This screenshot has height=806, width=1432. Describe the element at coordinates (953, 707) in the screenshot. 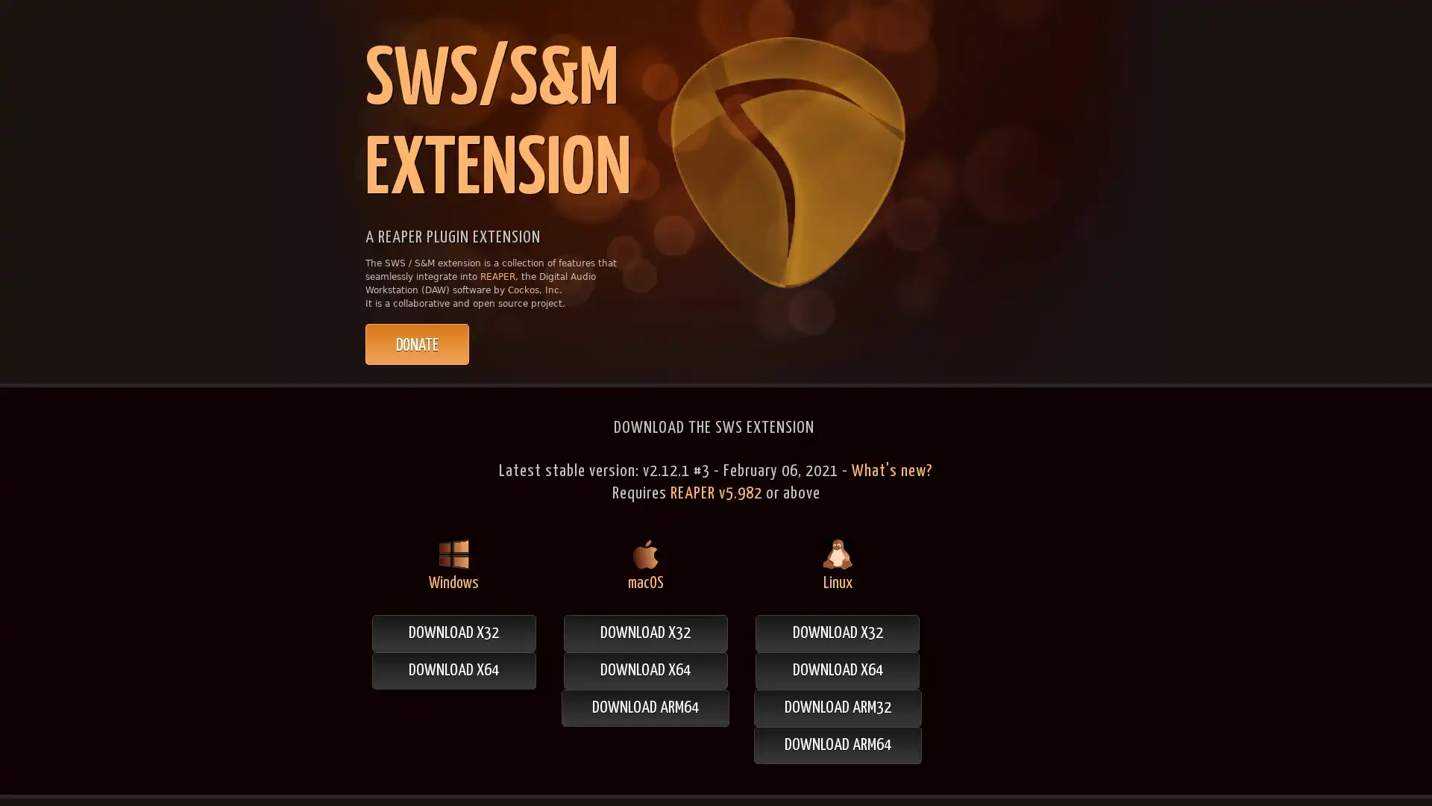

I see `DOWNLOAD ARM32` at that location.